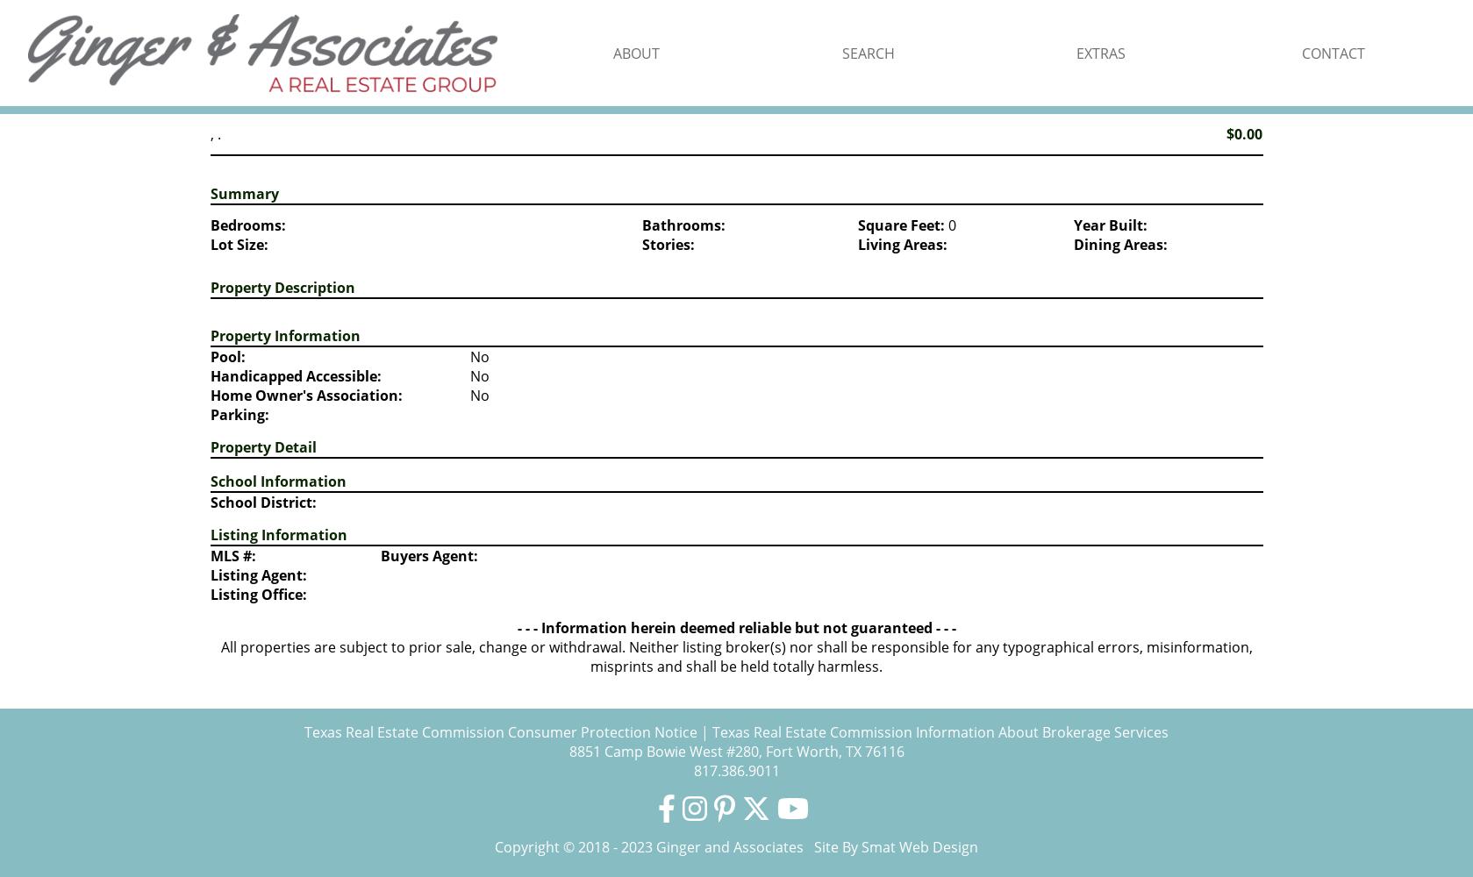  Describe the element at coordinates (494, 846) in the screenshot. I see `'Copyright © 2018 - 2023 Ginger and Associates   Site By'` at that location.